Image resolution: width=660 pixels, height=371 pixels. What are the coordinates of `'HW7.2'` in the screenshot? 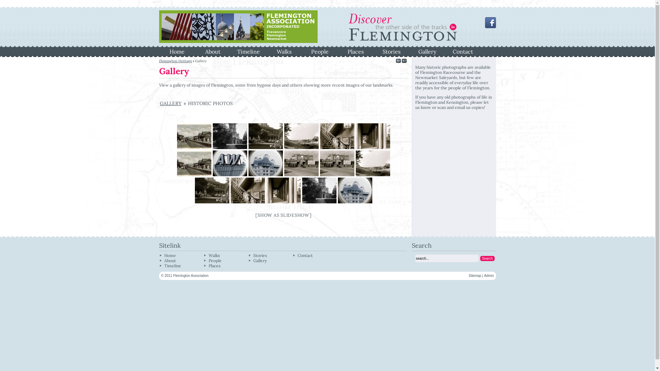 It's located at (337, 163).